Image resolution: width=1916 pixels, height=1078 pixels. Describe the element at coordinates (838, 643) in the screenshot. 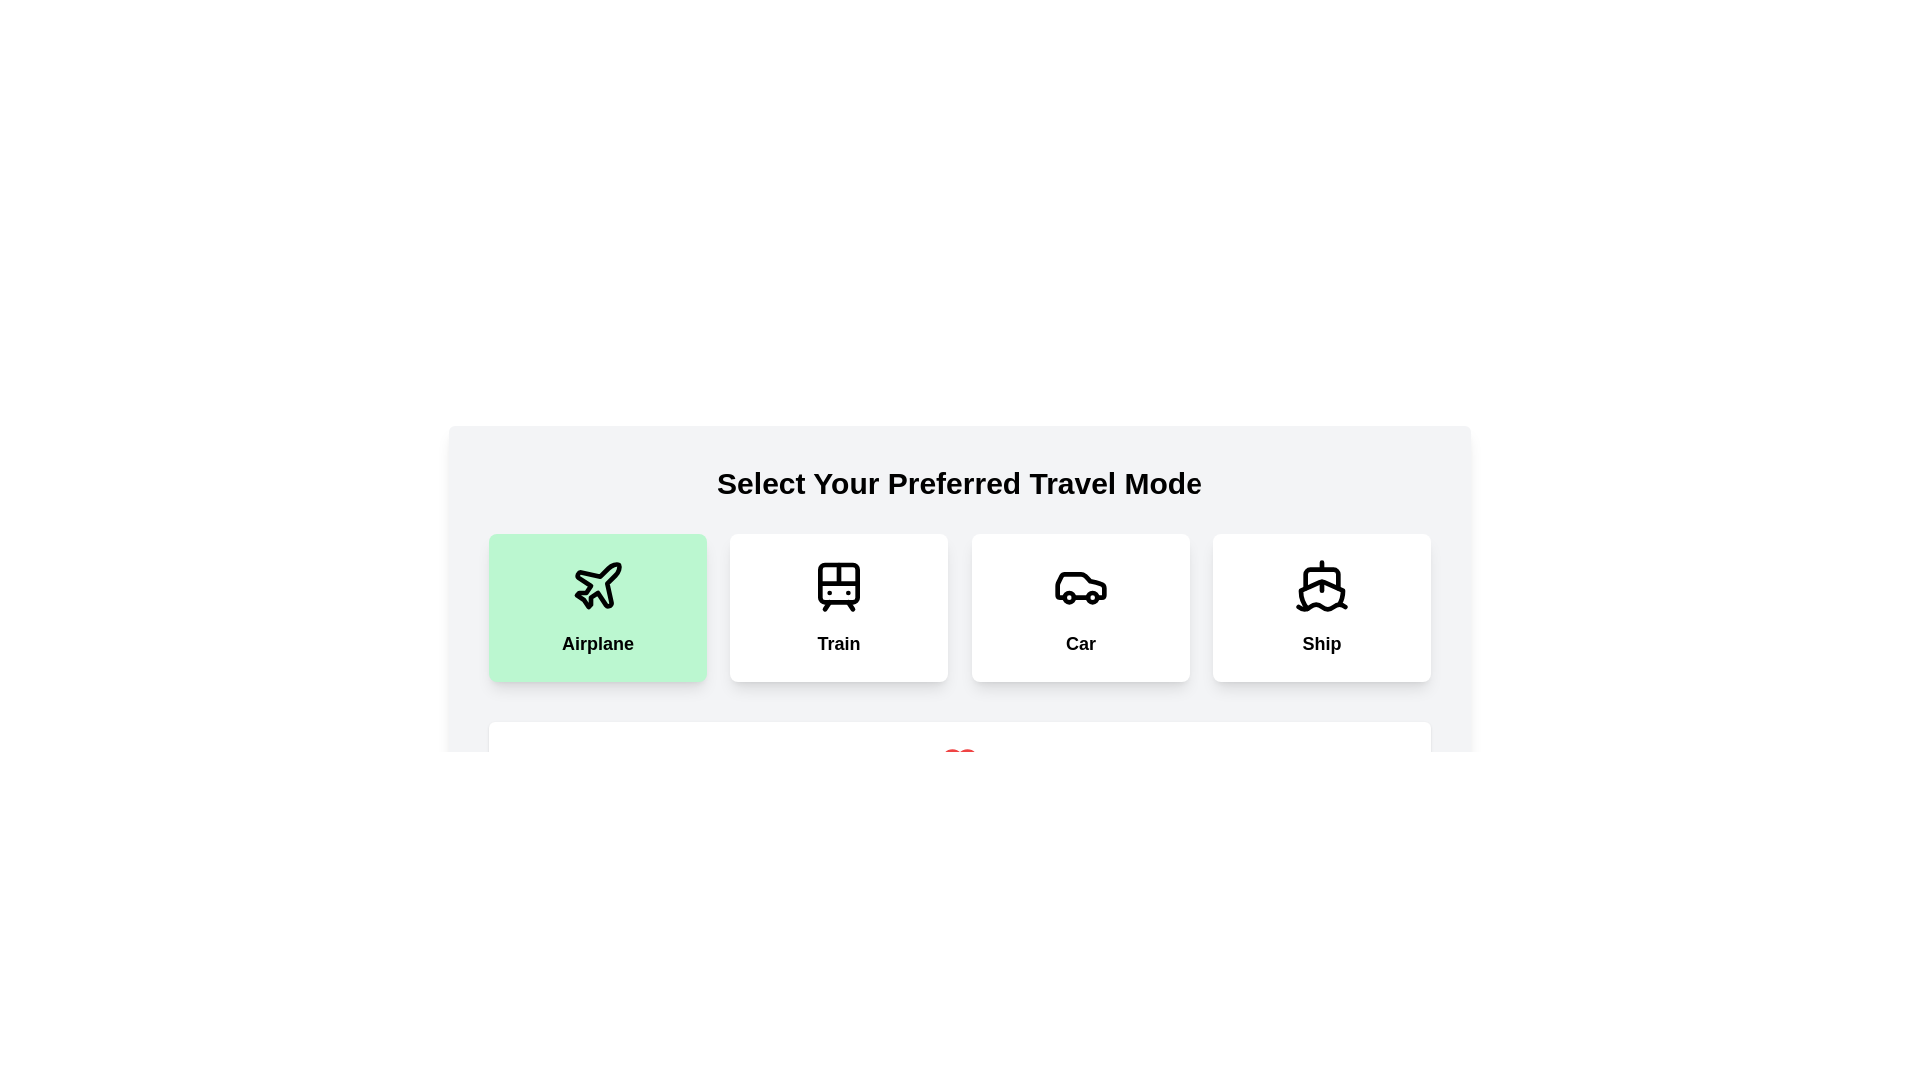

I see `the bold text label displaying 'Train' in a serif font style, which is centered vertically below the train icon in the second tile of the horizontal list of travel modes` at that location.